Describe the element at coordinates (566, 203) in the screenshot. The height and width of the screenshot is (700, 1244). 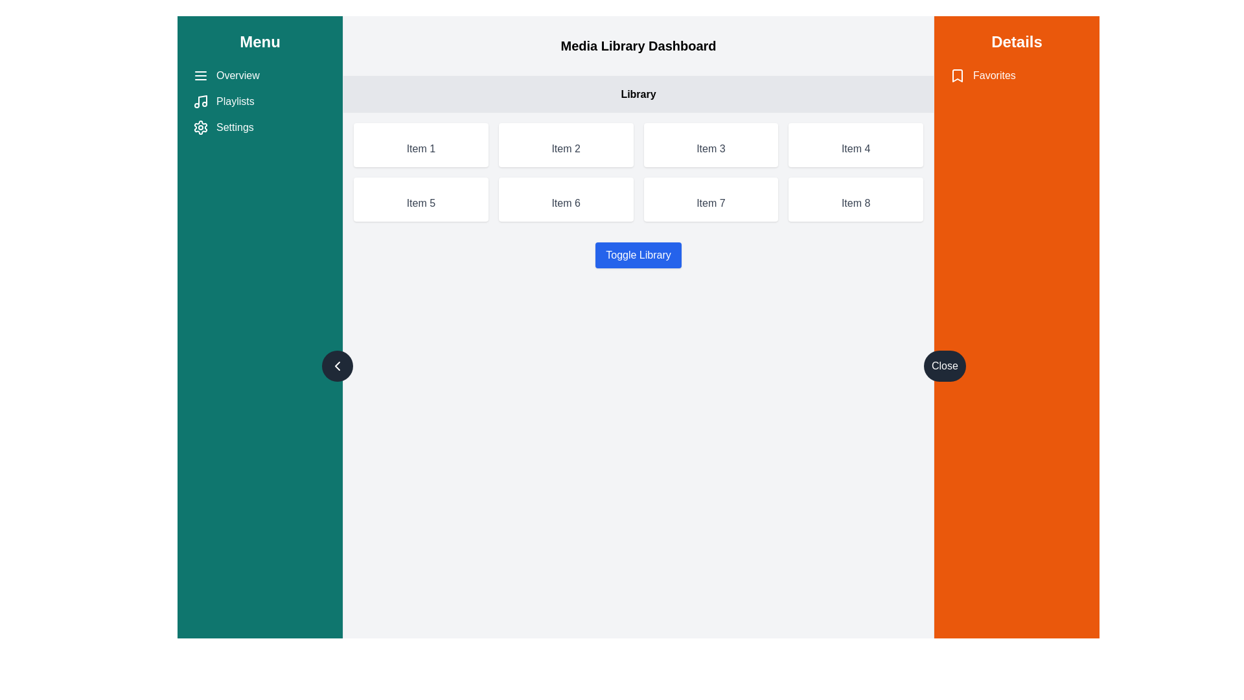
I see `the Text Label that displays an item label or identifier, located within a card in the second row and second column of a four-by-two grid layout` at that location.